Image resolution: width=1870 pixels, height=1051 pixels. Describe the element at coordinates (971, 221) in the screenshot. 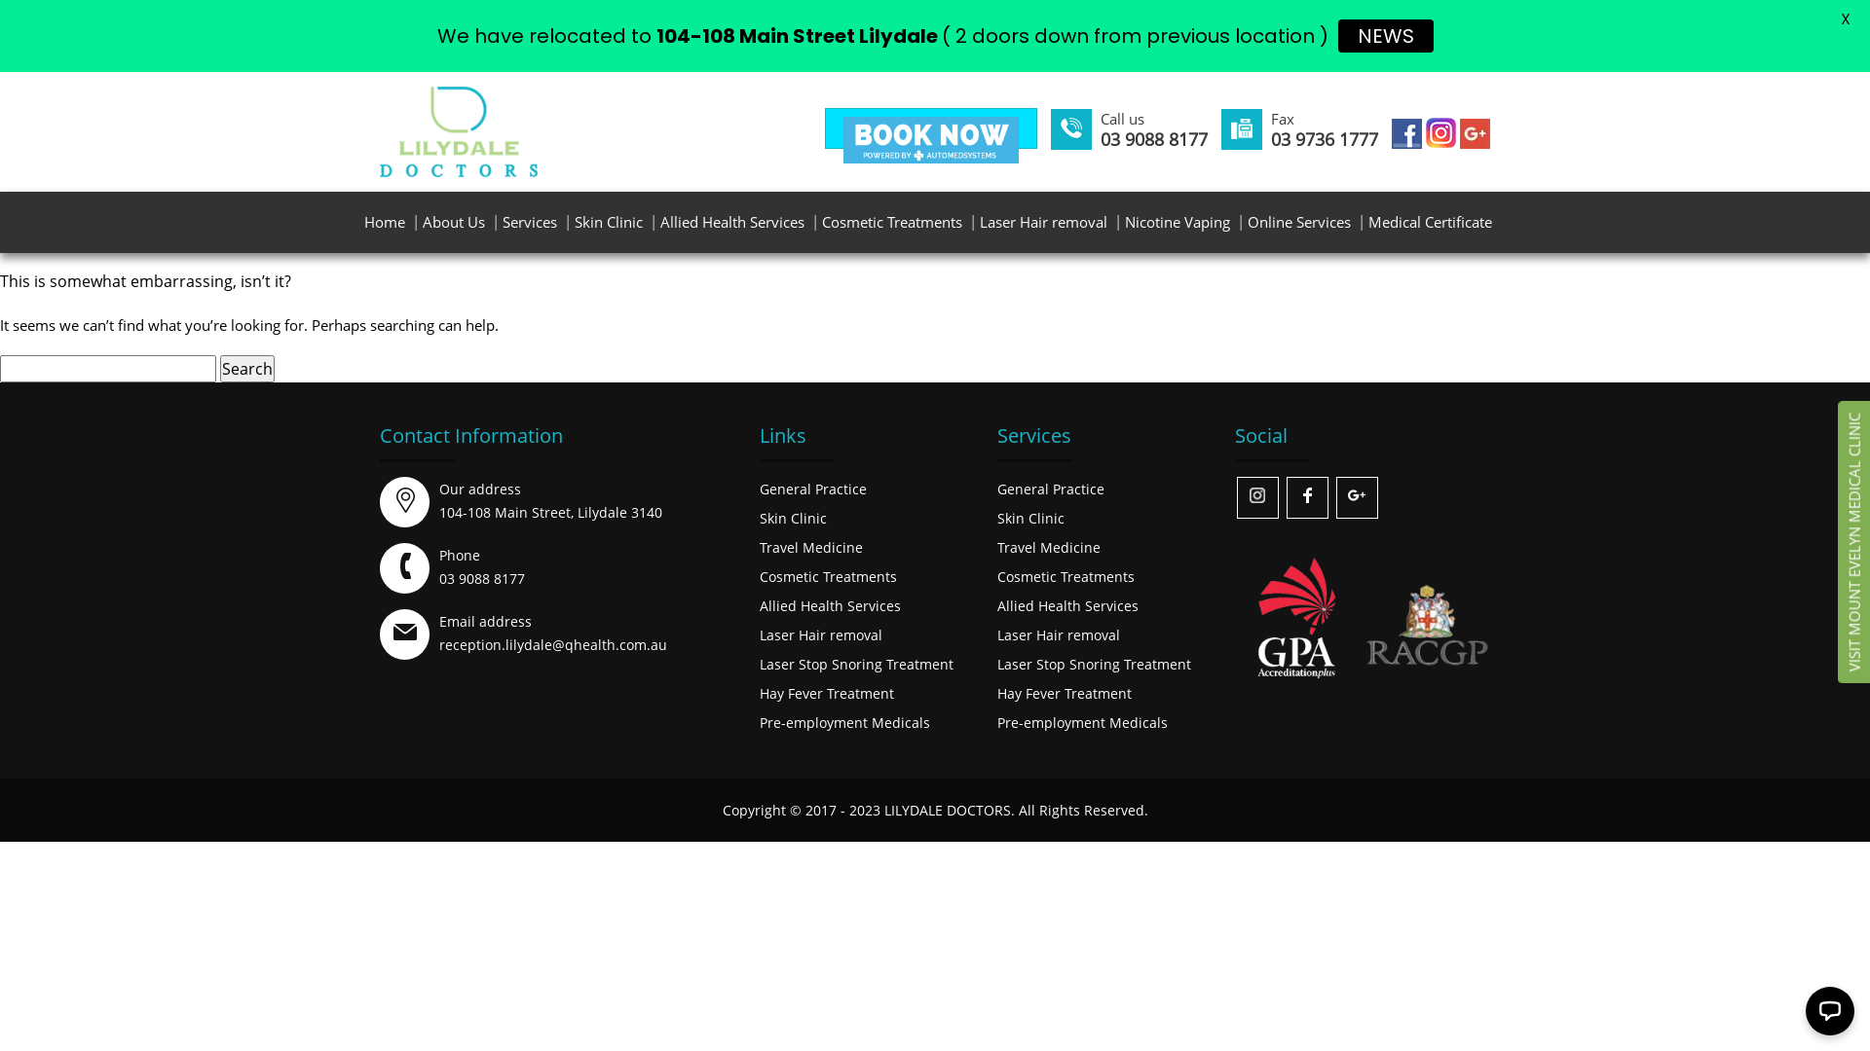

I see `'Laser Hair removal'` at that location.